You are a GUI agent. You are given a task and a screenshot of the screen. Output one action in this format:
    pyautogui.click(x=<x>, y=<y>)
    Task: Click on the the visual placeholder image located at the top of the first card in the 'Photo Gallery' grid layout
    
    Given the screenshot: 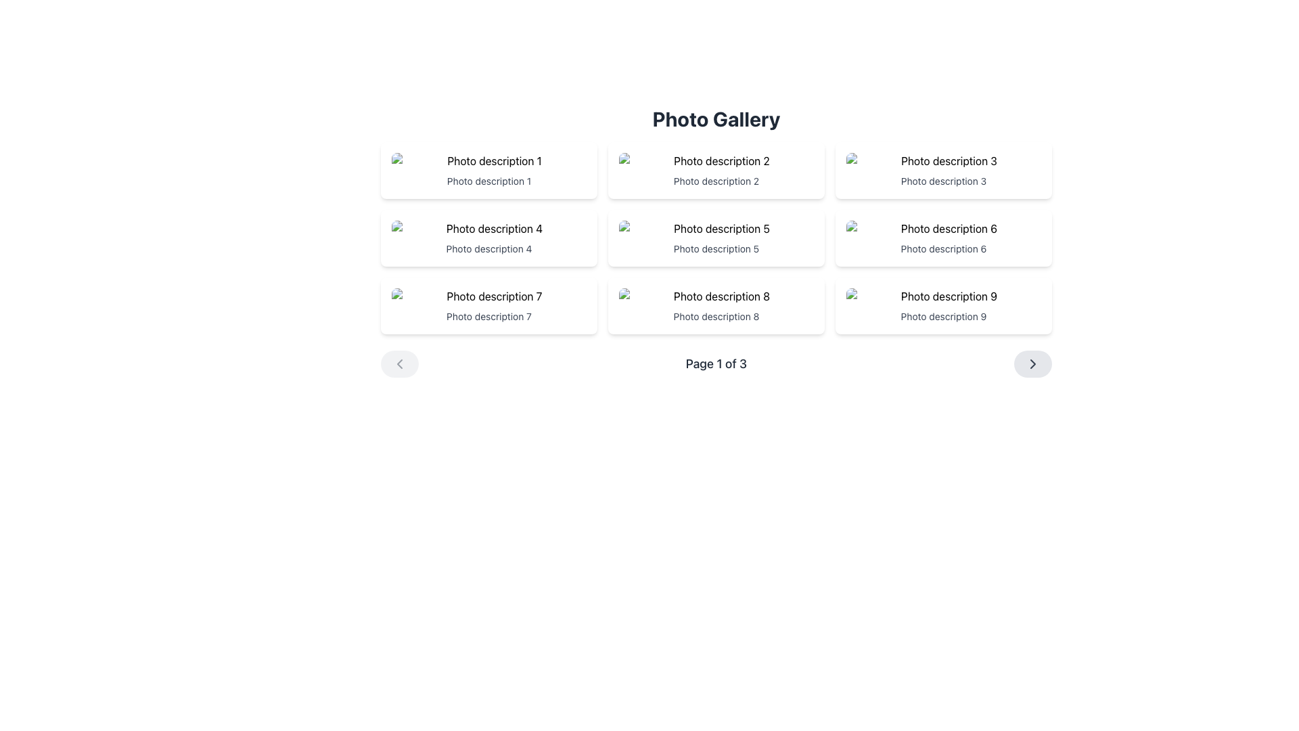 What is the action you would take?
    pyautogui.click(x=488, y=160)
    